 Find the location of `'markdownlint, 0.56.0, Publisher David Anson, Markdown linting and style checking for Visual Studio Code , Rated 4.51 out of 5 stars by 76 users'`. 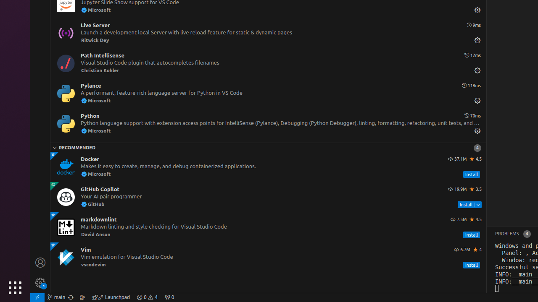

'markdownlint, 0.56.0, Publisher David Anson, Markdown linting and style checking for Visual Studio Code , Rated 4.51 out of 5 stars by 76 users' is located at coordinates (268, 227).